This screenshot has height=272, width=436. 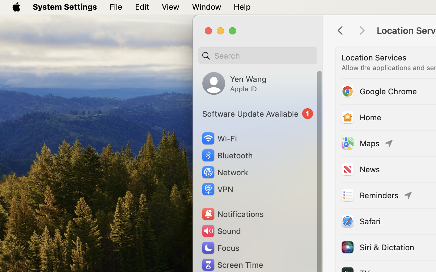 I want to click on 'Home', so click(x=361, y=117).